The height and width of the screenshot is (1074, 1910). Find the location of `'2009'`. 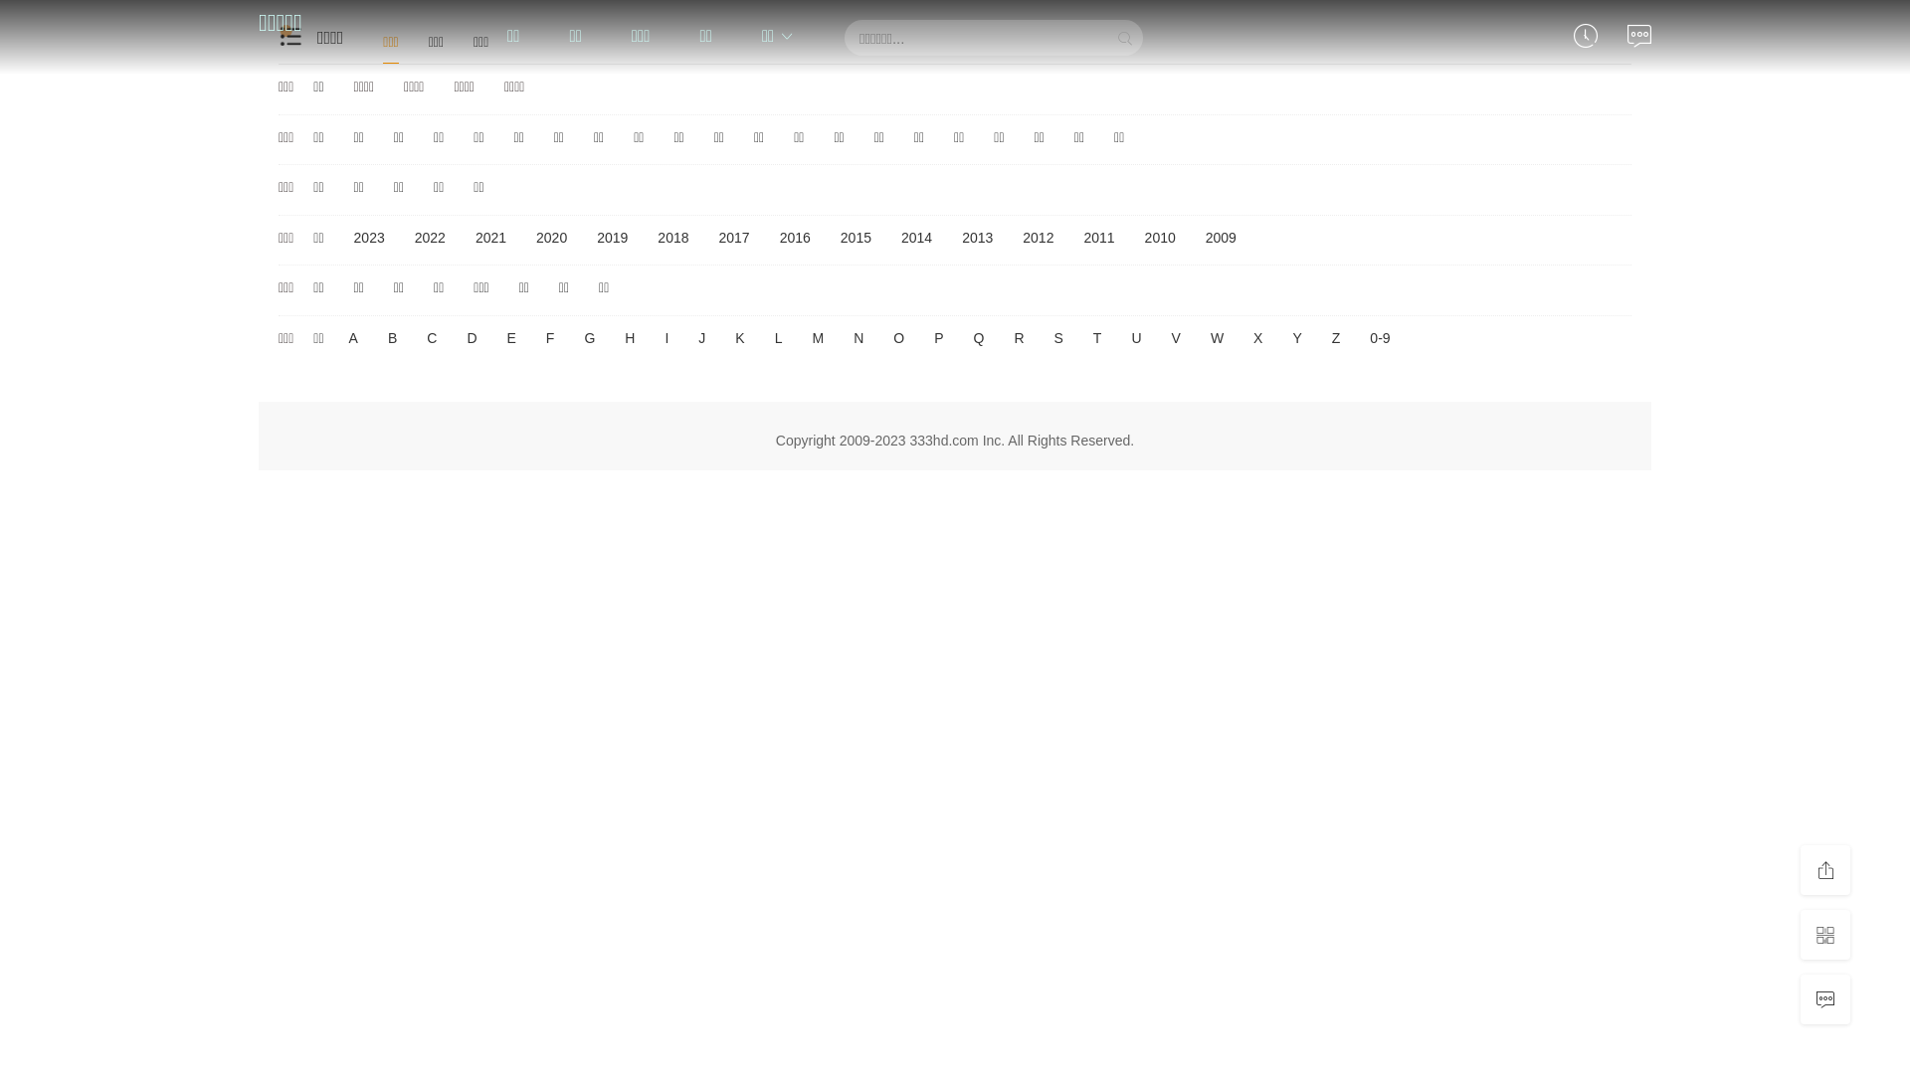

'2009' is located at coordinates (1220, 237).